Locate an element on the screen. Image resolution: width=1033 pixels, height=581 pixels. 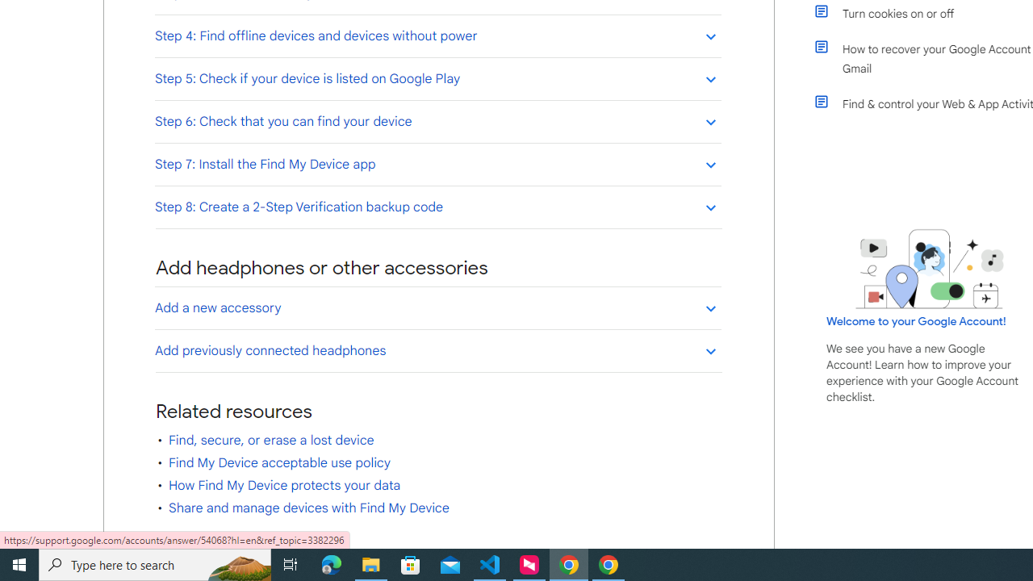
'Learning Center home page image' is located at coordinates (930, 268).